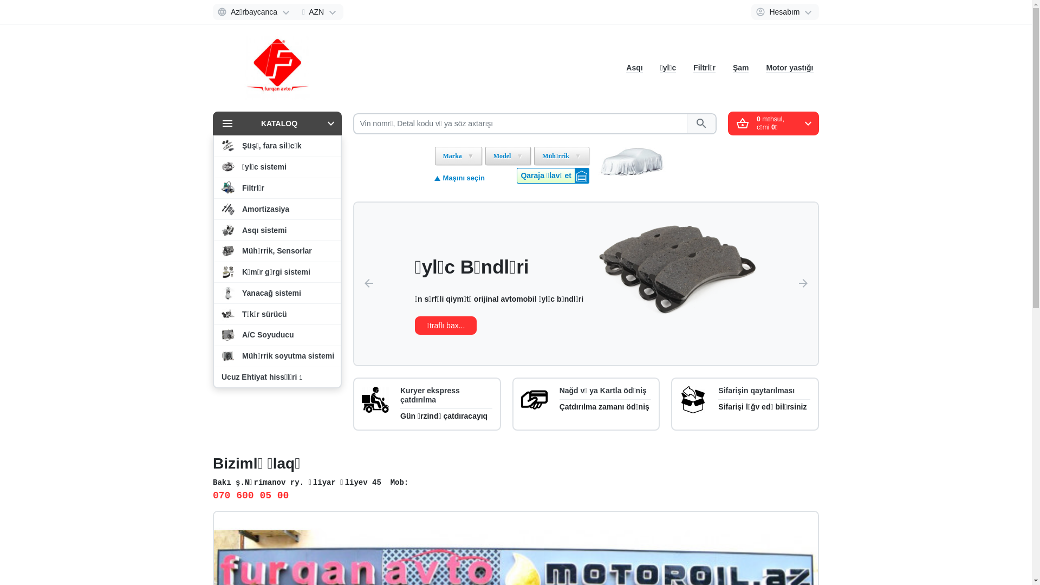 This screenshot has height=585, width=1040. What do you see at coordinates (213, 209) in the screenshot?
I see `'Amortizasiya'` at bounding box center [213, 209].